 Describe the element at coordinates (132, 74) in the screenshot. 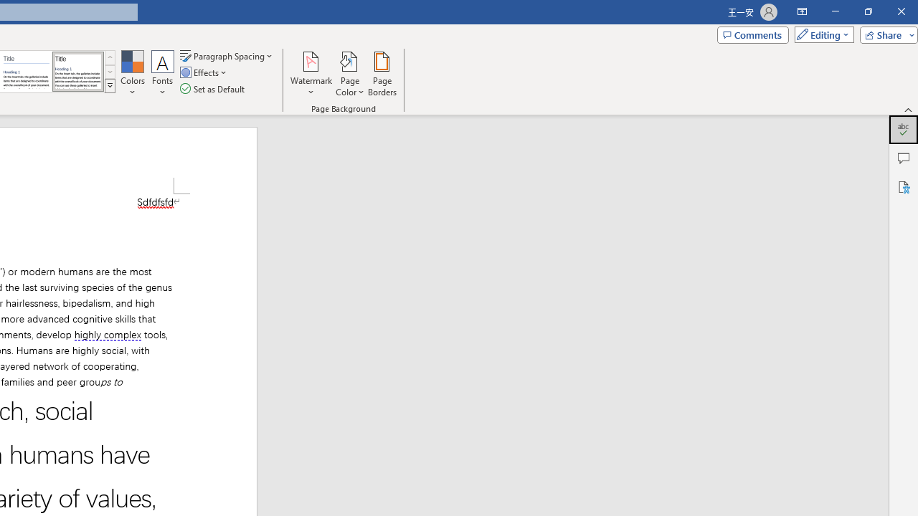

I see `'Colors'` at that location.